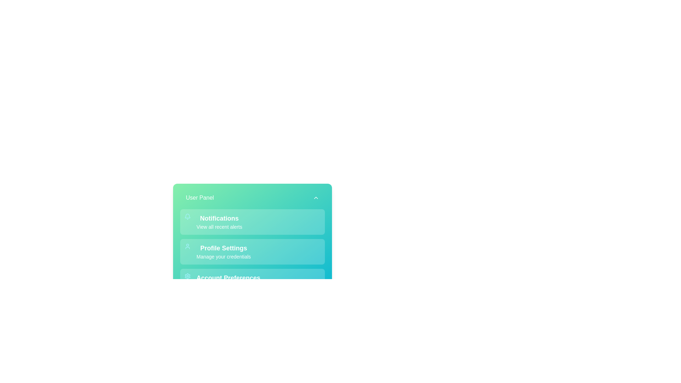 This screenshot has width=681, height=383. Describe the element at coordinates (252, 251) in the screenshot. I see `the menu item Profile Settings in the UserAccountPanel` at that location.